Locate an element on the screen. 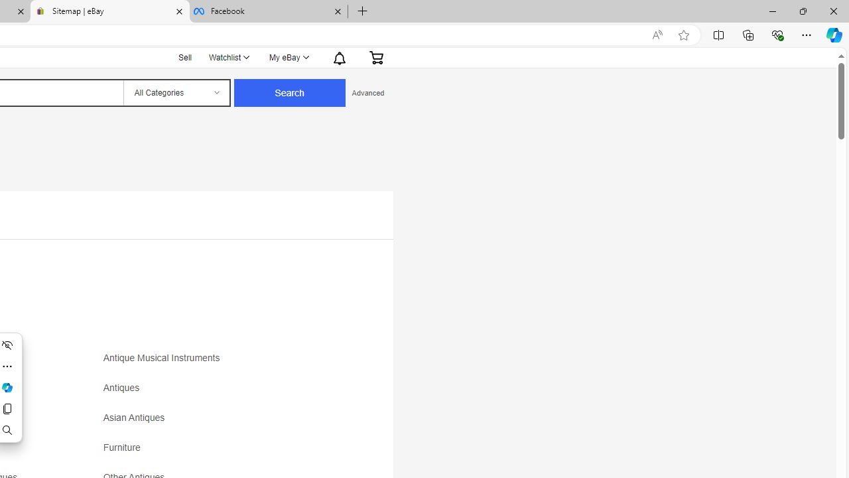 The height and width of the screenshot is (478, 849). 'Antique Musical Instruments' is located at coordinates (164, 357).